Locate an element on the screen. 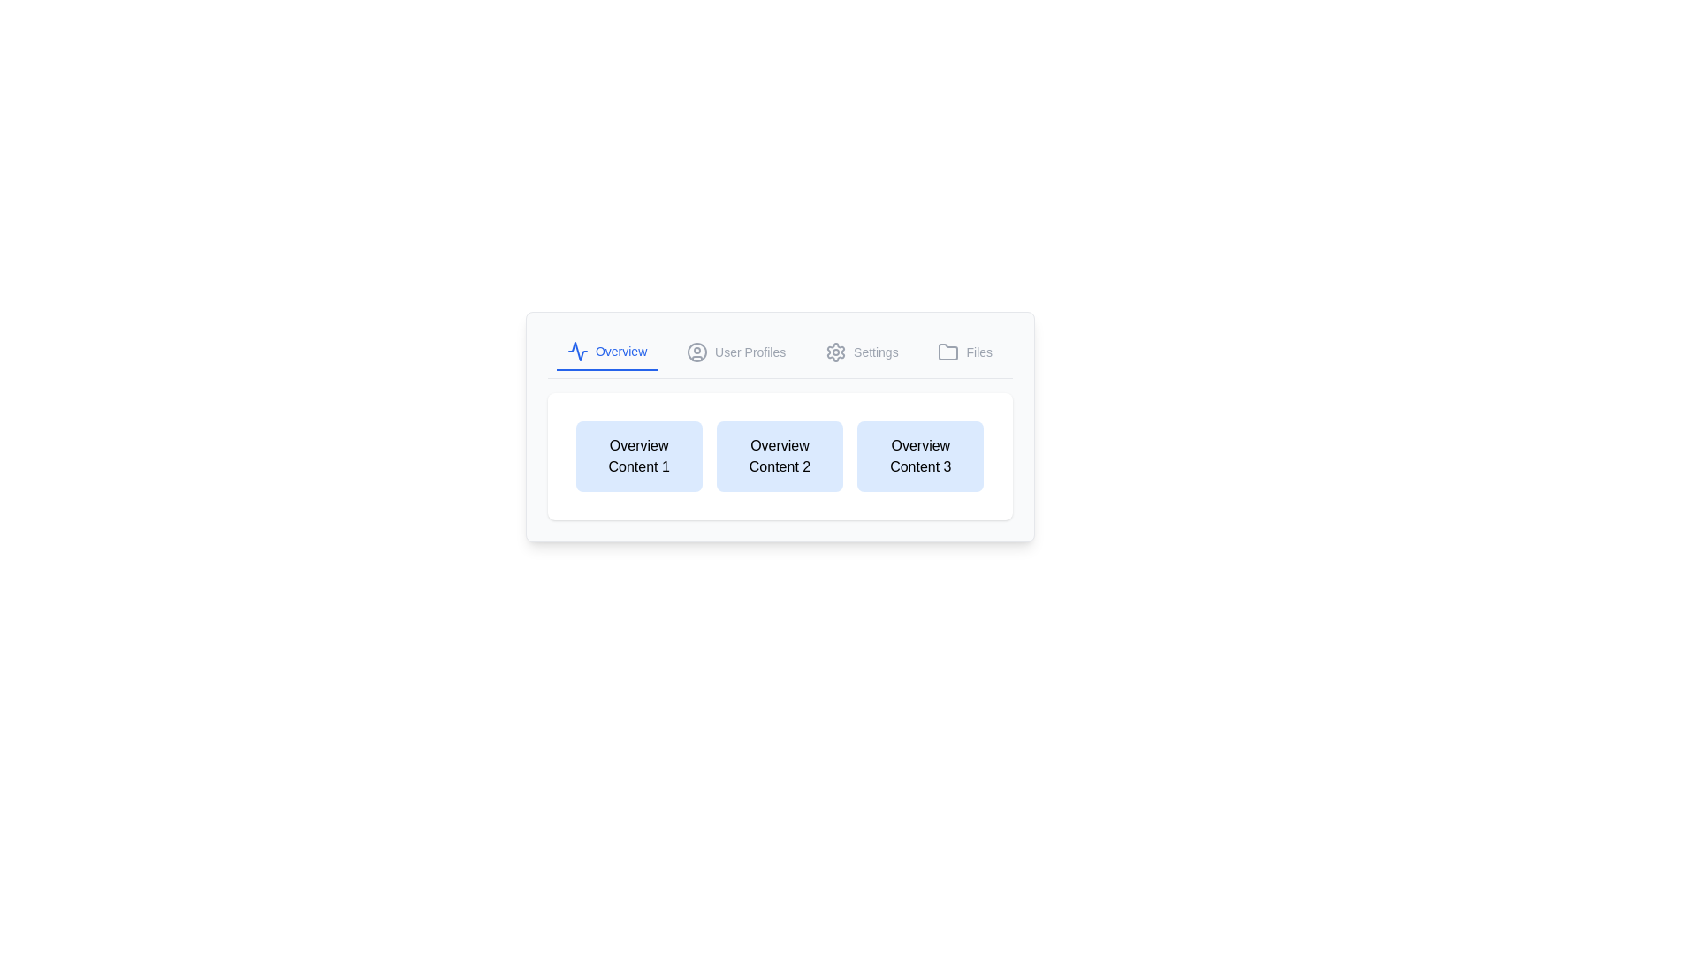  the gear icon in the navigation bar, which is located between the 'User Profiles' icon and the 'Files' icon is located at coordinates (834, 352).